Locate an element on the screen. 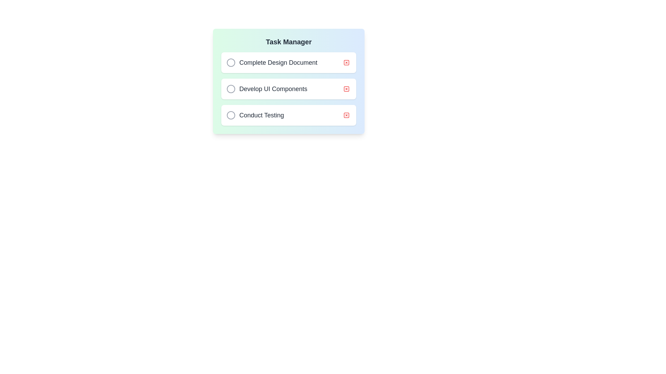 This screenshot has width=666, height=374. the text label 'Conduct Testing' in the task manager, which is the third item in a vertical list of tasks, to interact with the associated checkbox is located at coordinates (261, 115).